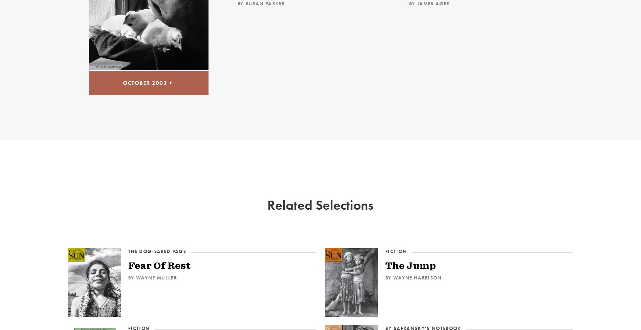  Describe the element at coordinates (411, 265) in the screenshot. I see `'The Jump'` at that location.